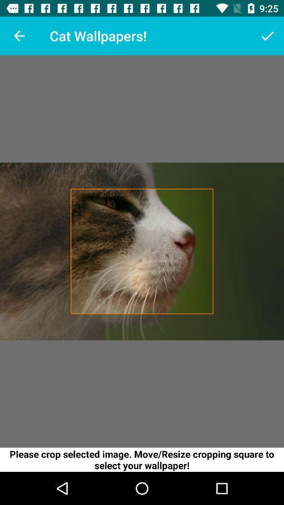 This screenshot has height=505, width=284. Describe the element at coordinates (19, 36) in the screenshot. I see `item next to the cat wallpapers! item` at that location.